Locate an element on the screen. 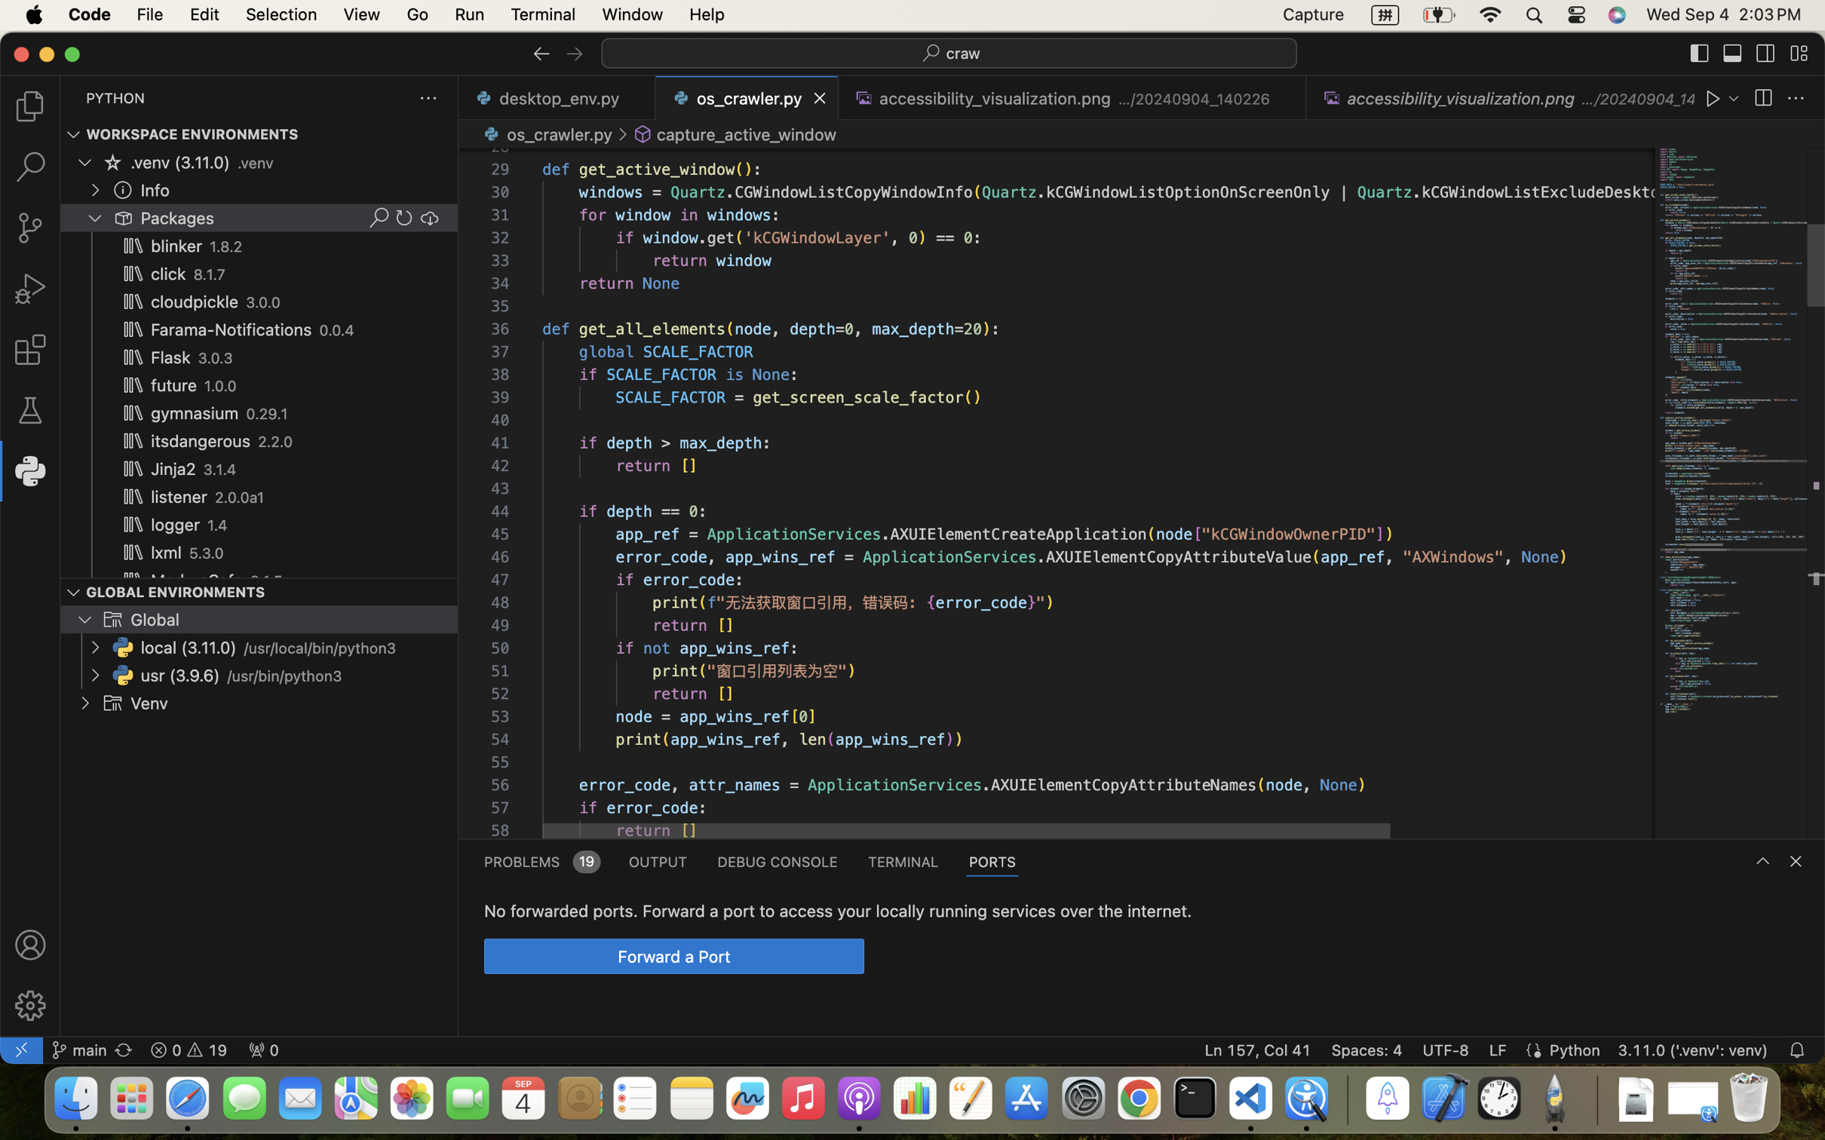 The image size is (1825, 1140). '0 ' is located at coordinates (29, 410).